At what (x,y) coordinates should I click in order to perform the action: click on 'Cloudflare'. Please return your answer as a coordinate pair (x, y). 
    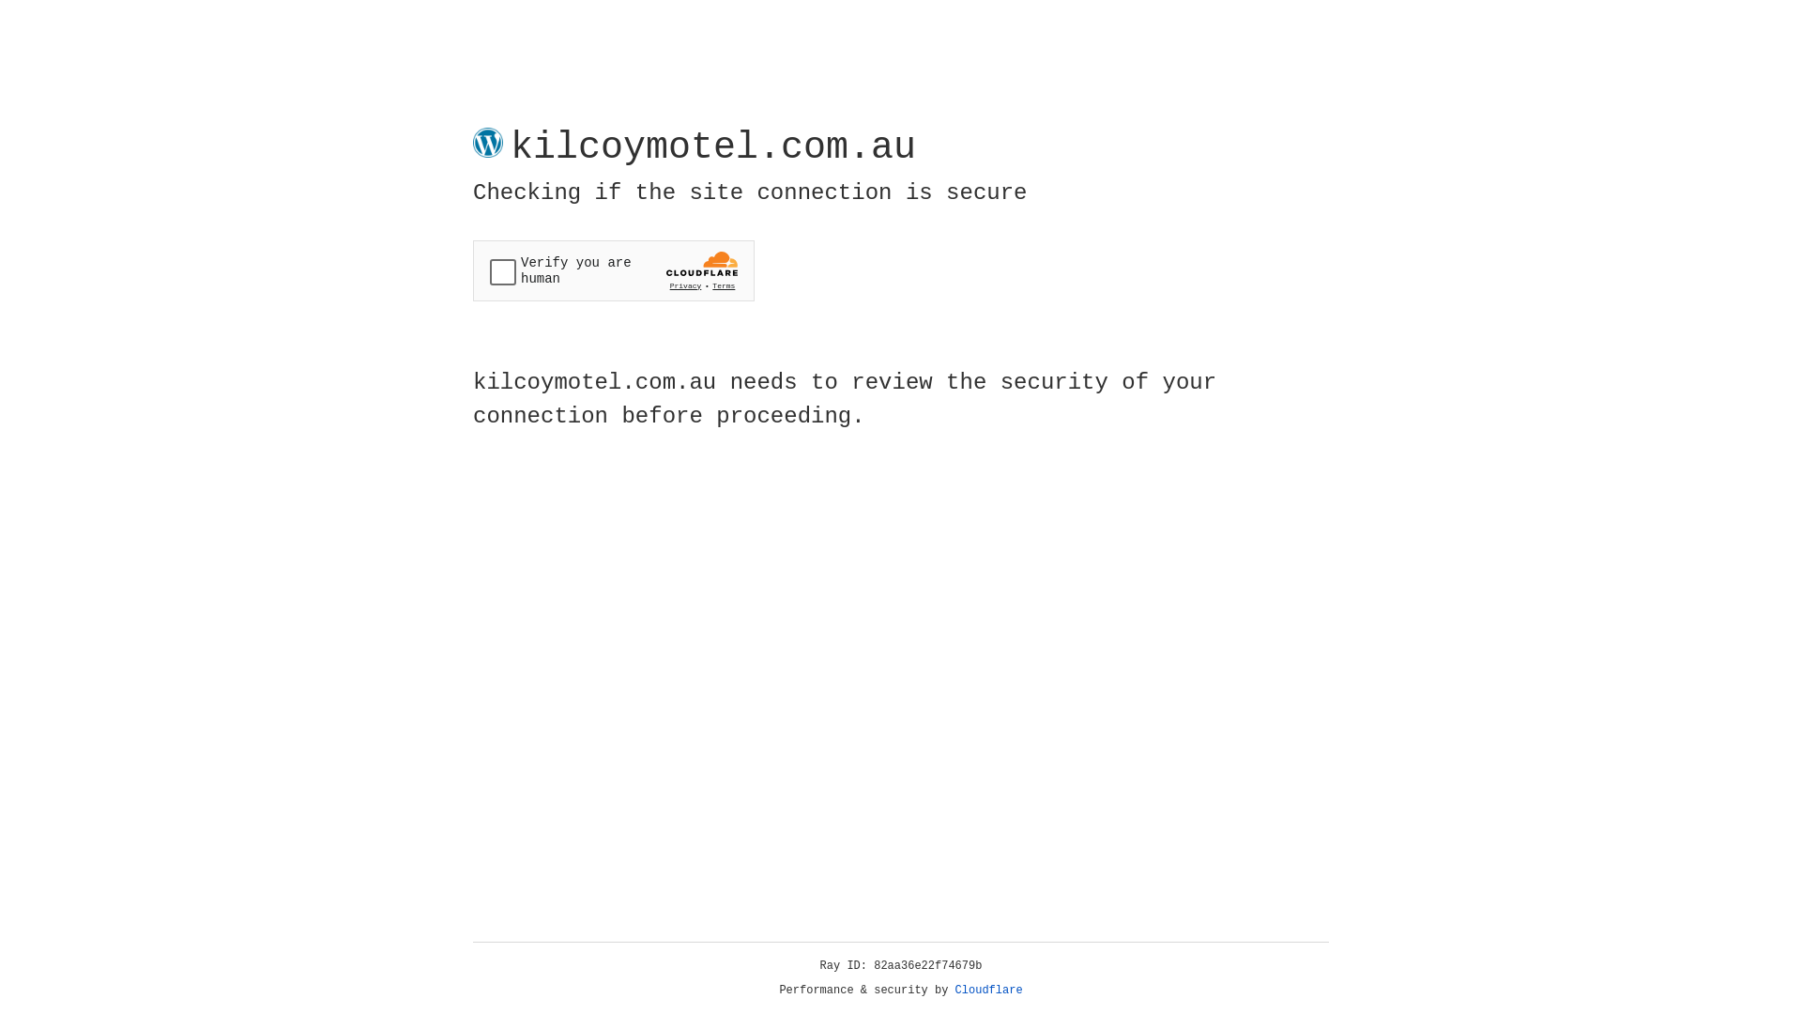
    Looking at the image, I should click on (988, 990).